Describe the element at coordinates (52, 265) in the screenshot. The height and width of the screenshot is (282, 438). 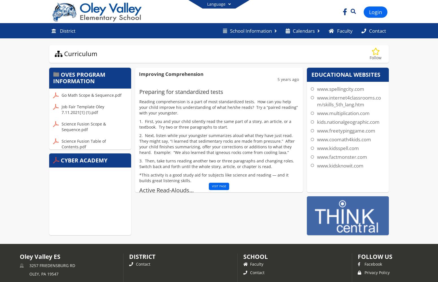
I see `'3257 FRIEDENSBURG RD'` at that location.